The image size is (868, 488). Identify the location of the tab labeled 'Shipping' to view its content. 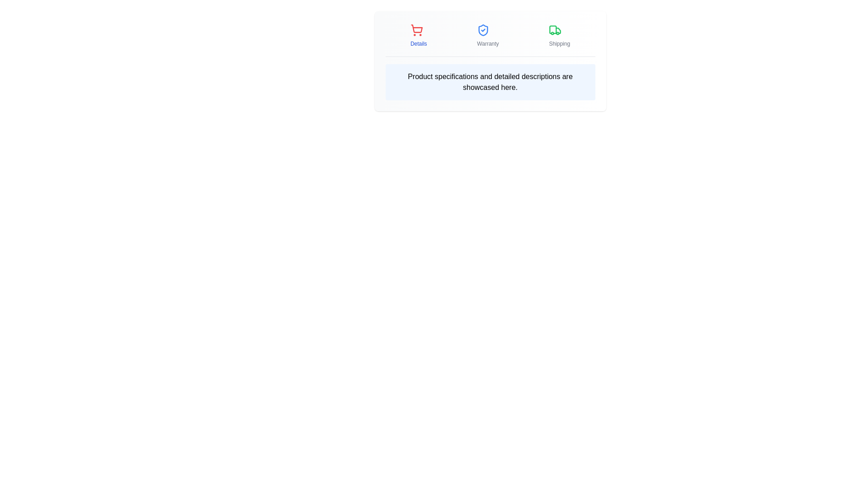
(559, 35).